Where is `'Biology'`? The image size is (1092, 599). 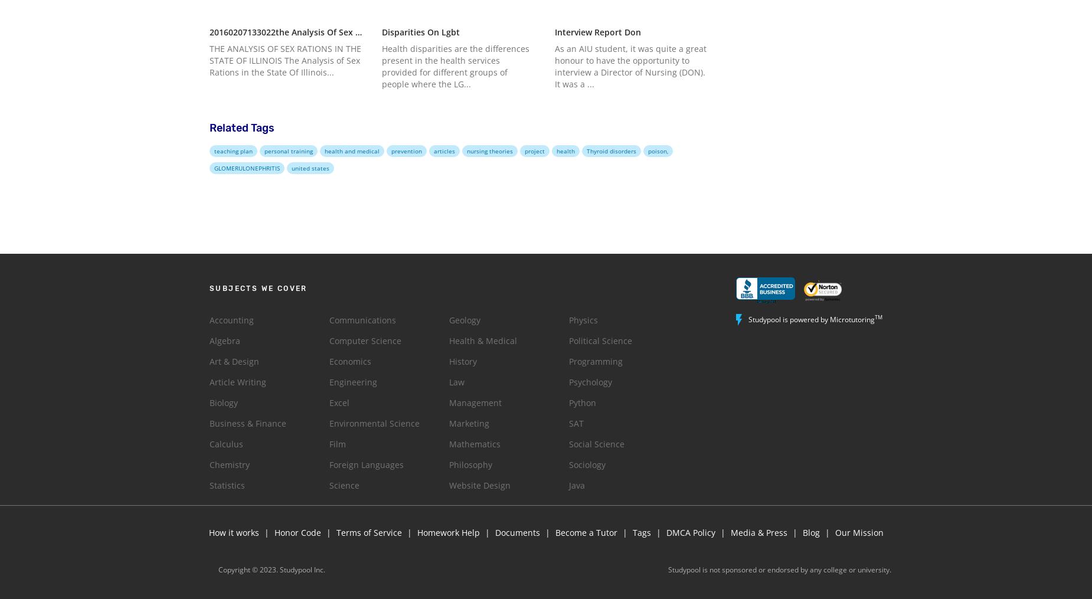 'Biology' is located at coordinates (209, 402).